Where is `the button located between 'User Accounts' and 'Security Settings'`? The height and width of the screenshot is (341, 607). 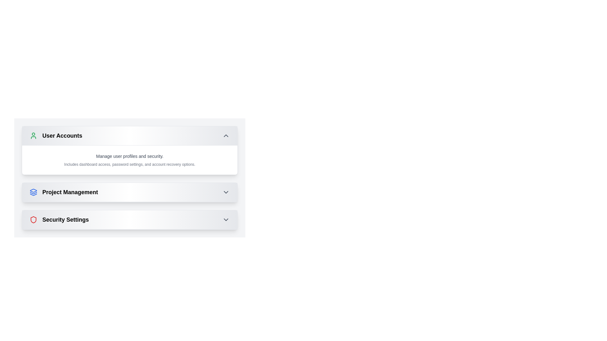
the button located between 'User Accounts' and 'Security Settings' is located at coordinates (129, 186).